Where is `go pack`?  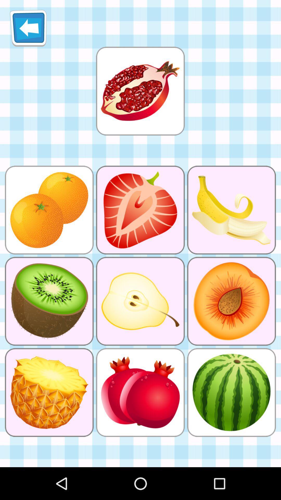
go pack is located at coordinates (28, 28).